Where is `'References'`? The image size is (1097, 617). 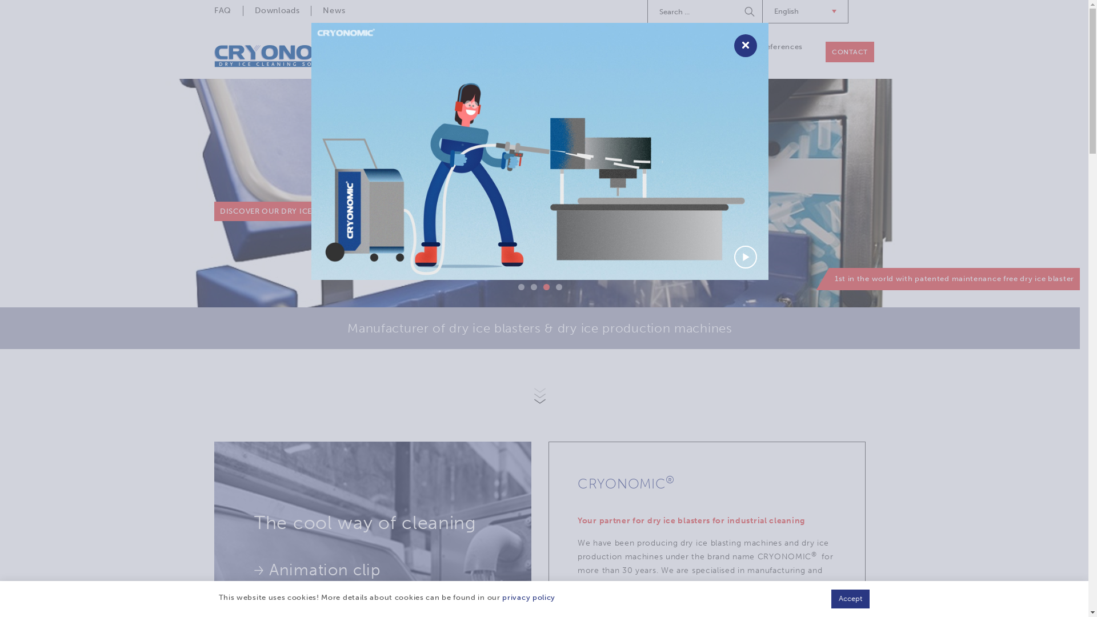 'References' is located at coordinates (781, 46).